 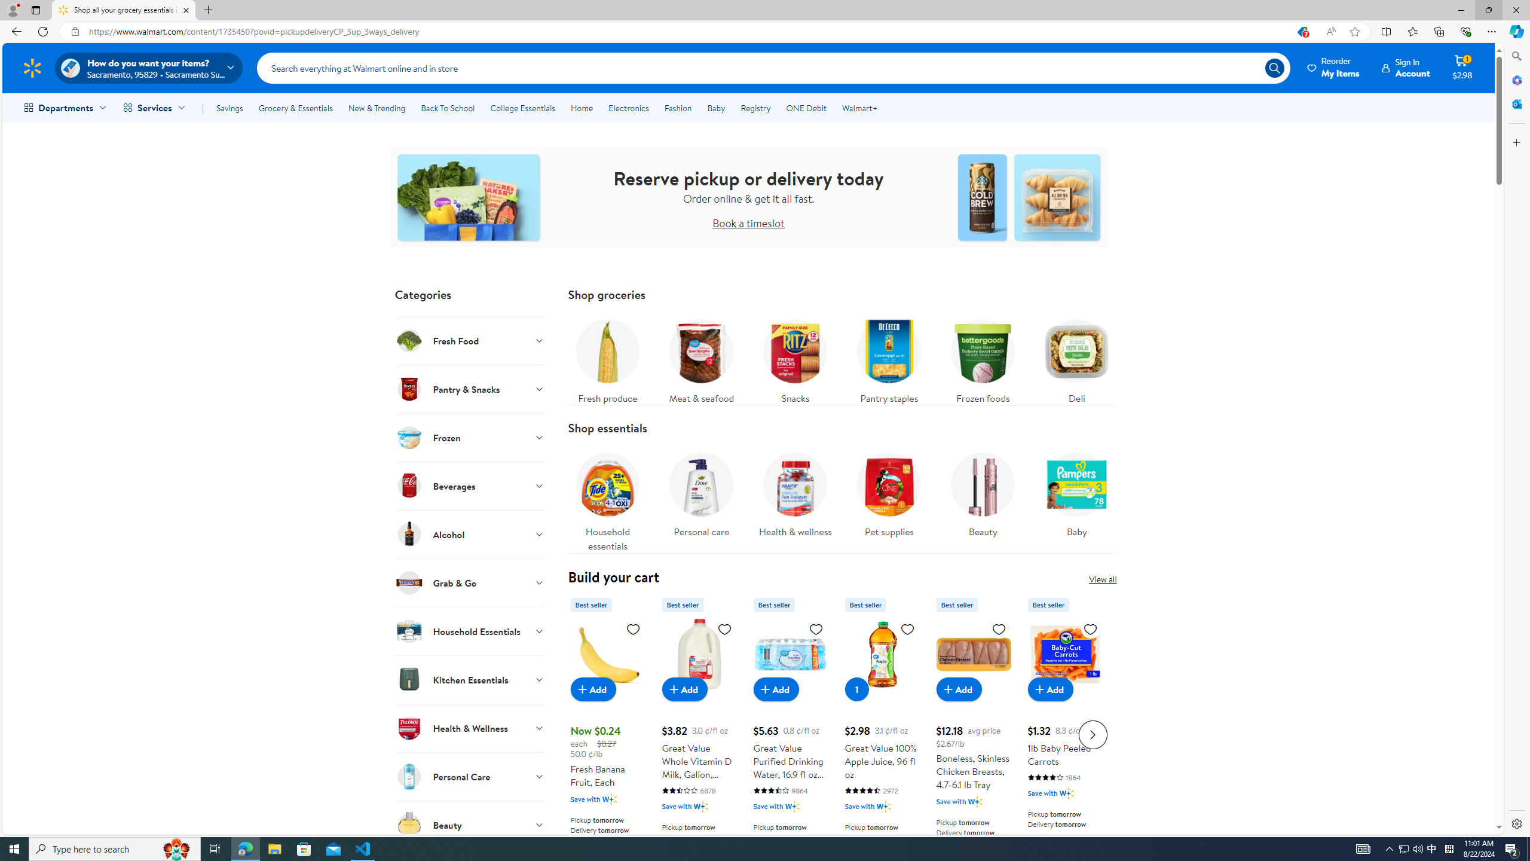 What do you see at coordinates (701, 358) in the screenshot?
I see `'Meat & seafood'` at bounding box center [701, 358].